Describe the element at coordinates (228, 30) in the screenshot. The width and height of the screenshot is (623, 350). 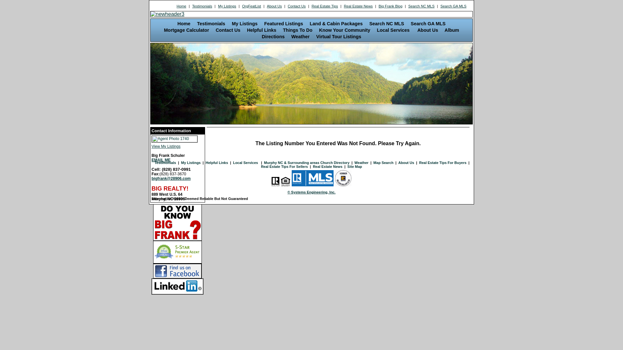
I see `'Contact Us'` at that location.